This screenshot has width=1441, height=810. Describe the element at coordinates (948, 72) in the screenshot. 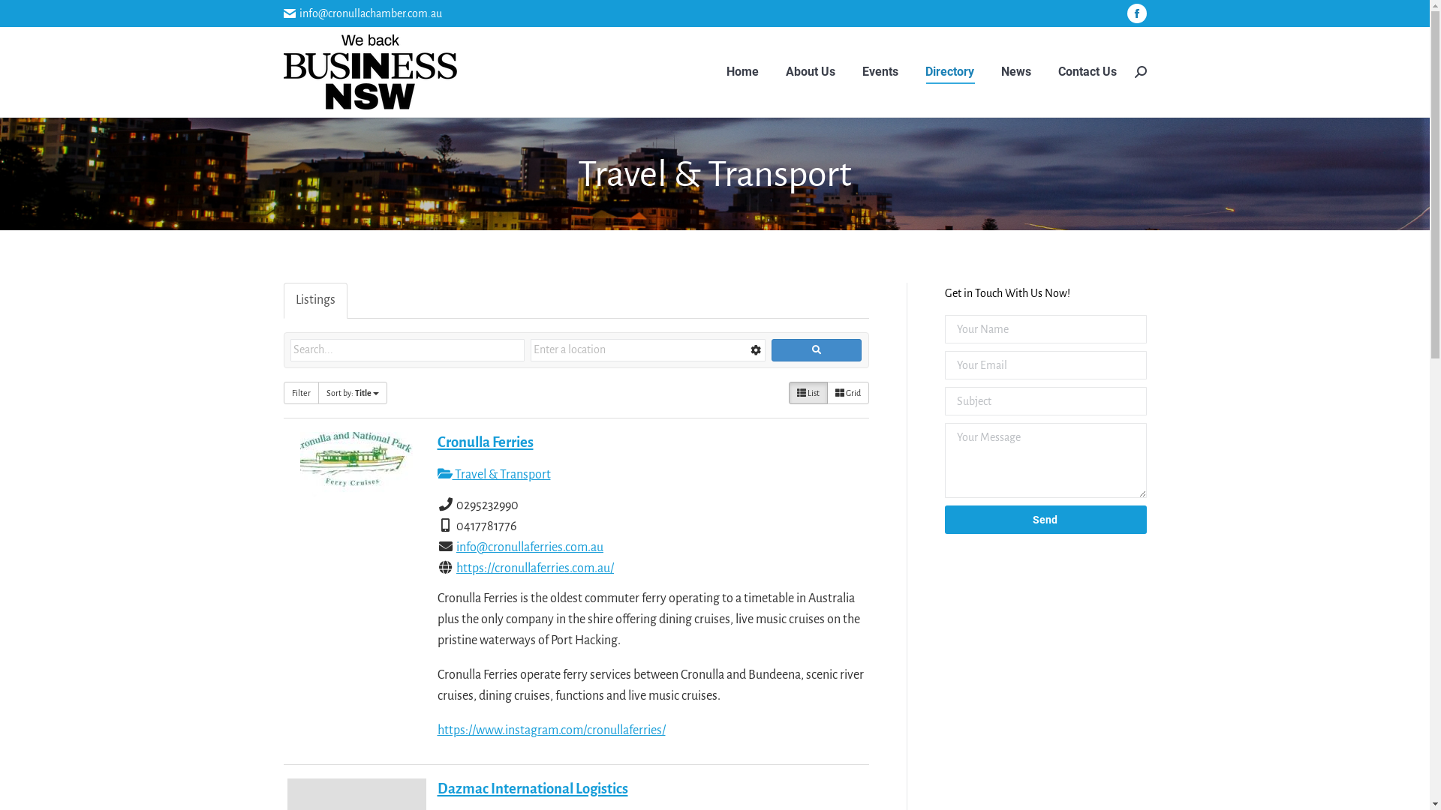

I see `'Directory'` at that location.